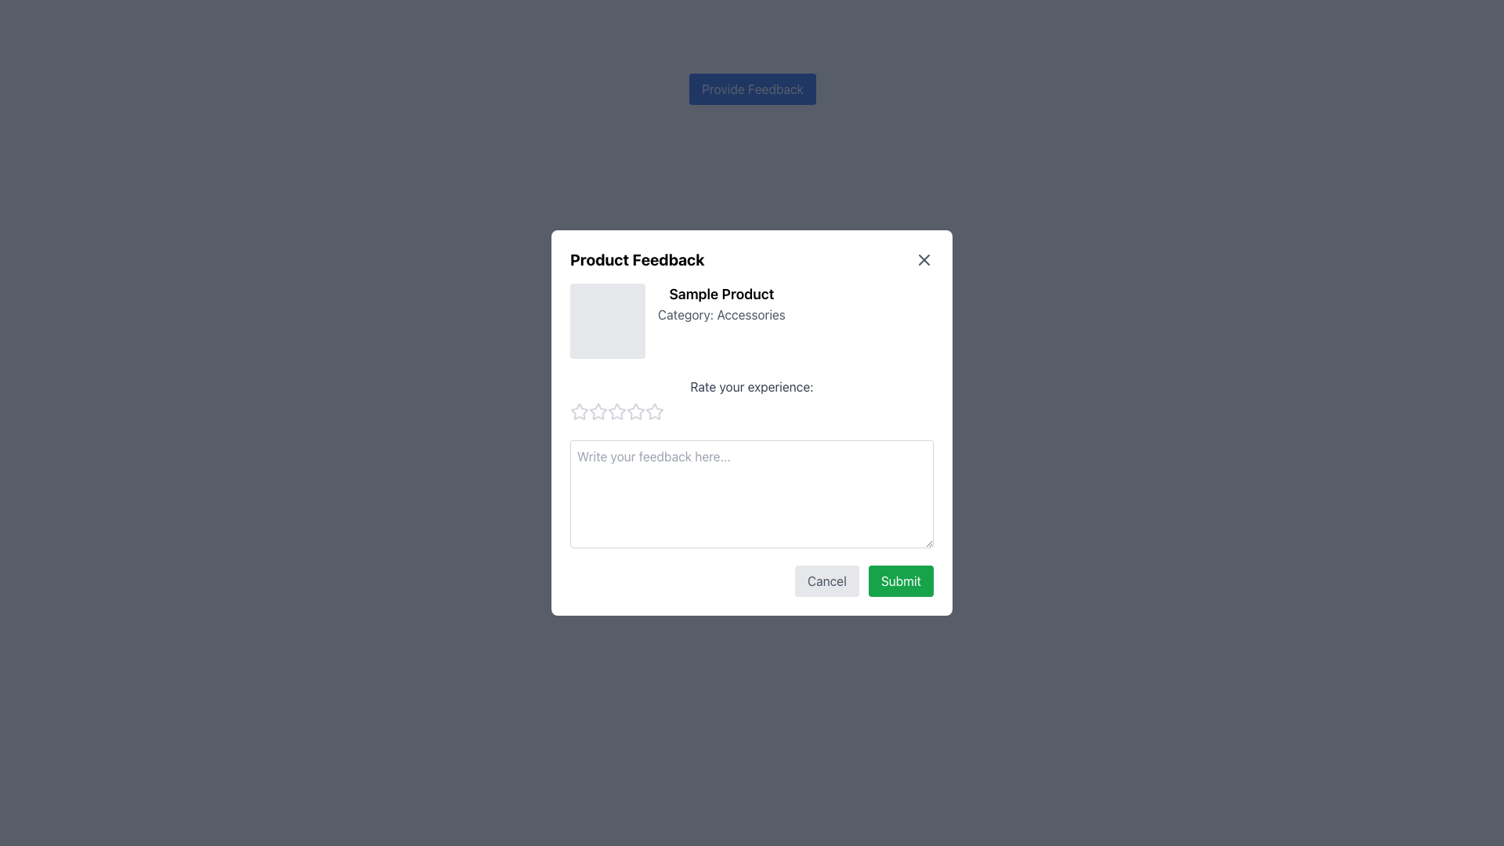 This screenshot has height=846, width=1504. What do you see at coordinates (616, 410) in the screenshot?
I see `the first star icon in the 'Rate your experience' section of the modal` at bounding box center [616, 410].